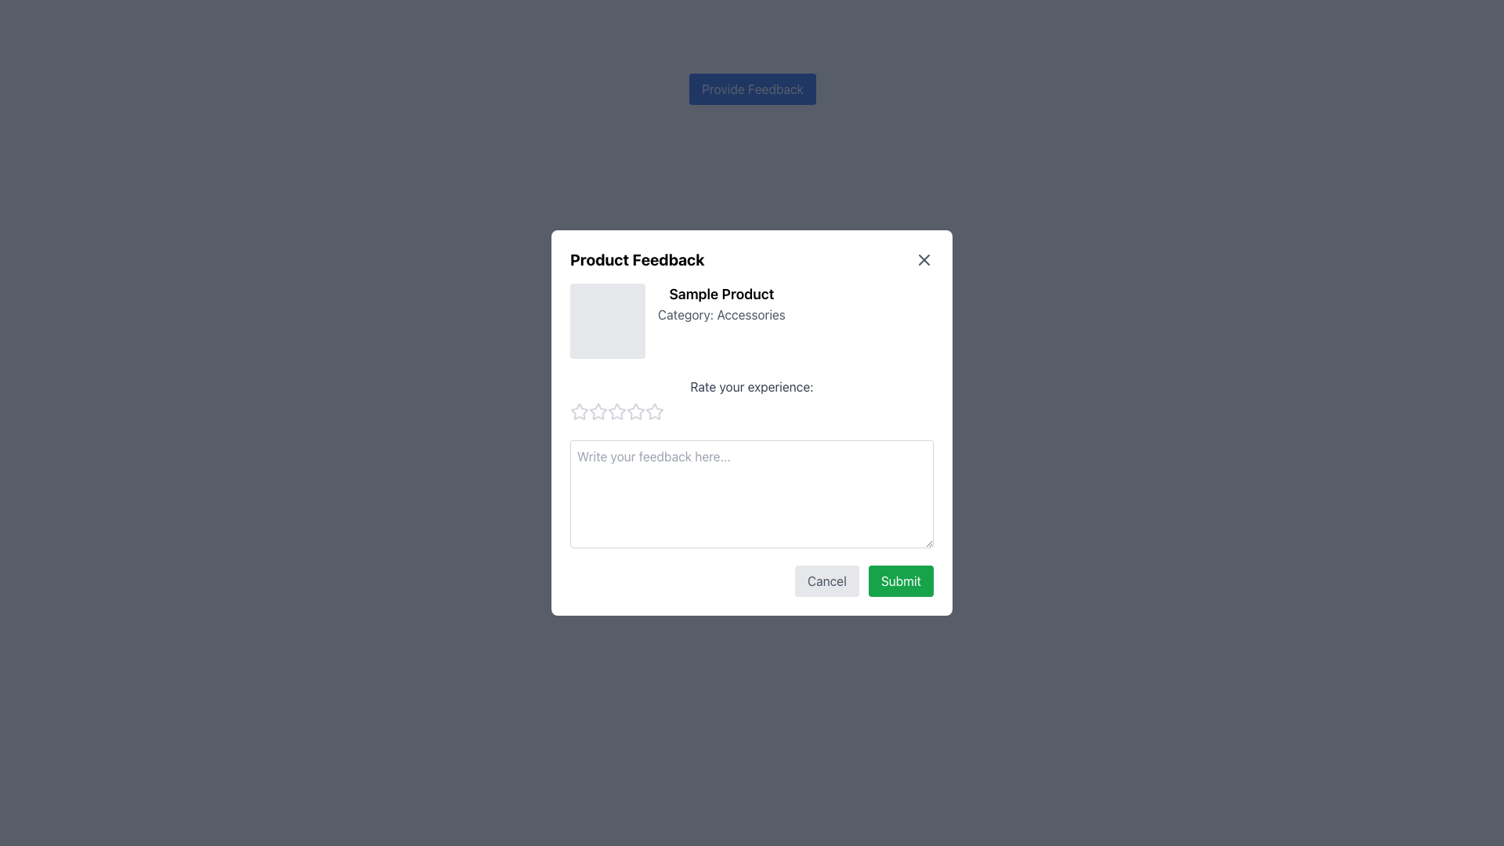 This screenshot has height=846, width=1504. What do you see at coordinates (616, 410) in the screenshot?
I see `the first star icon in the 'Rate your experience' section of the modal` at bounding box center [616, 410].